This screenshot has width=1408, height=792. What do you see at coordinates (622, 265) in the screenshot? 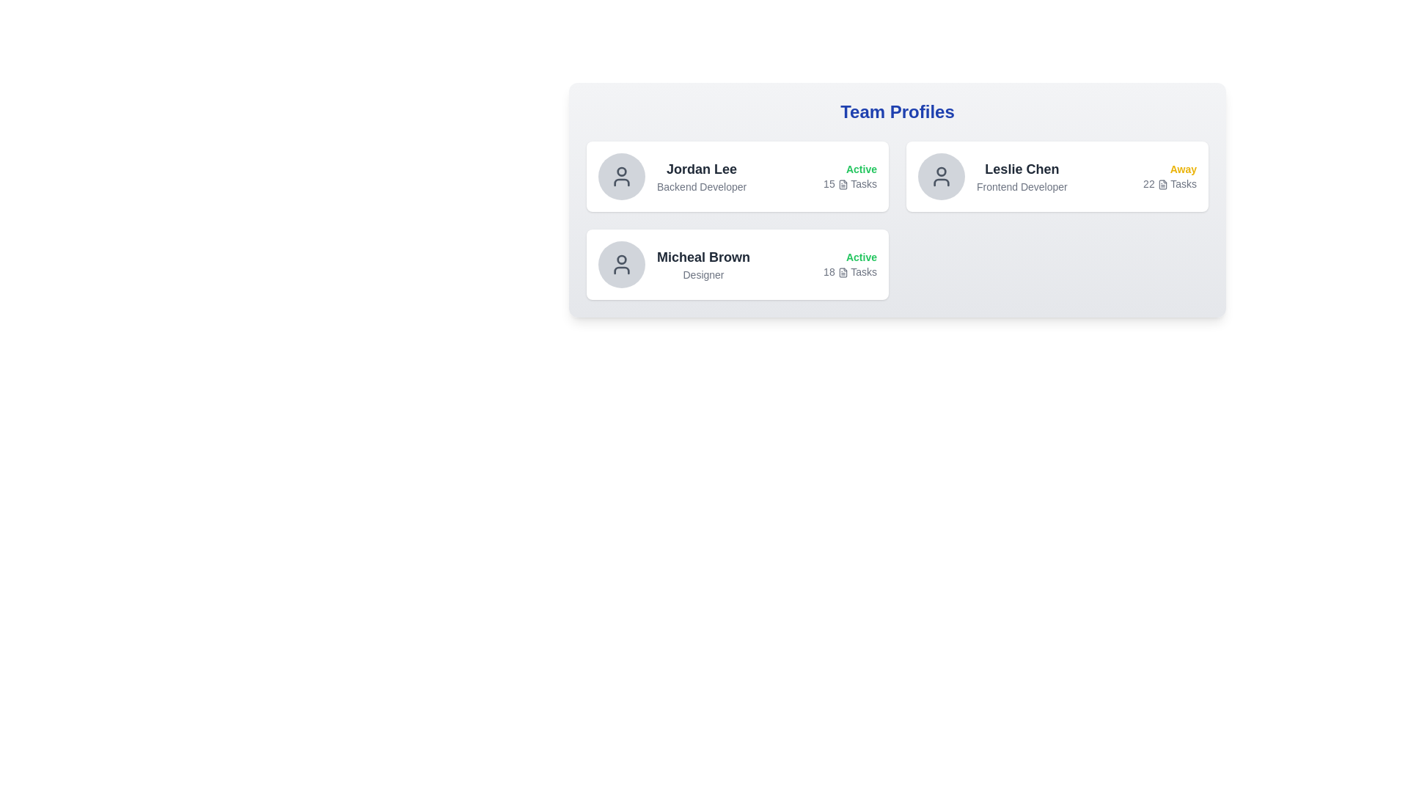
I see `the circular avatar placeholder with a light gray background that contains a user icon, positioned to the left of the text 'Micheal Brown' and 'Designer' in the second entry of the team profiles list` at bounding box center [622, 265].